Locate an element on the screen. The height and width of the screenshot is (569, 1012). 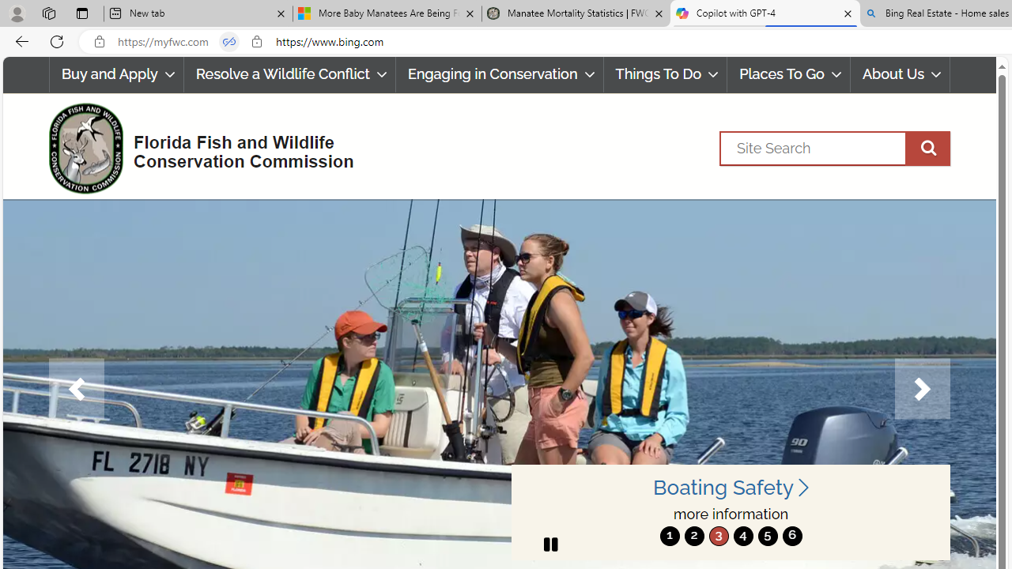
'FWC Logo Florida Fish and Wildlife Conservation Commission' is located at coordinates (194, 146).